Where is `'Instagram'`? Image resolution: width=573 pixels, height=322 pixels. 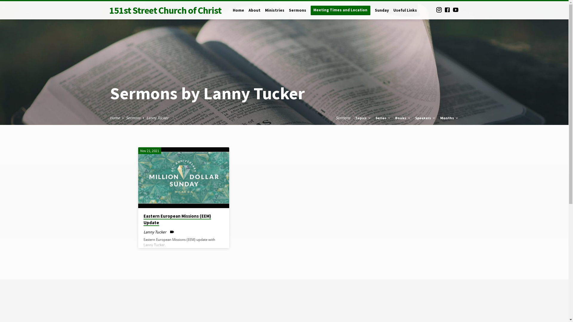 'Instagram' is located at coordinates (439, 10).